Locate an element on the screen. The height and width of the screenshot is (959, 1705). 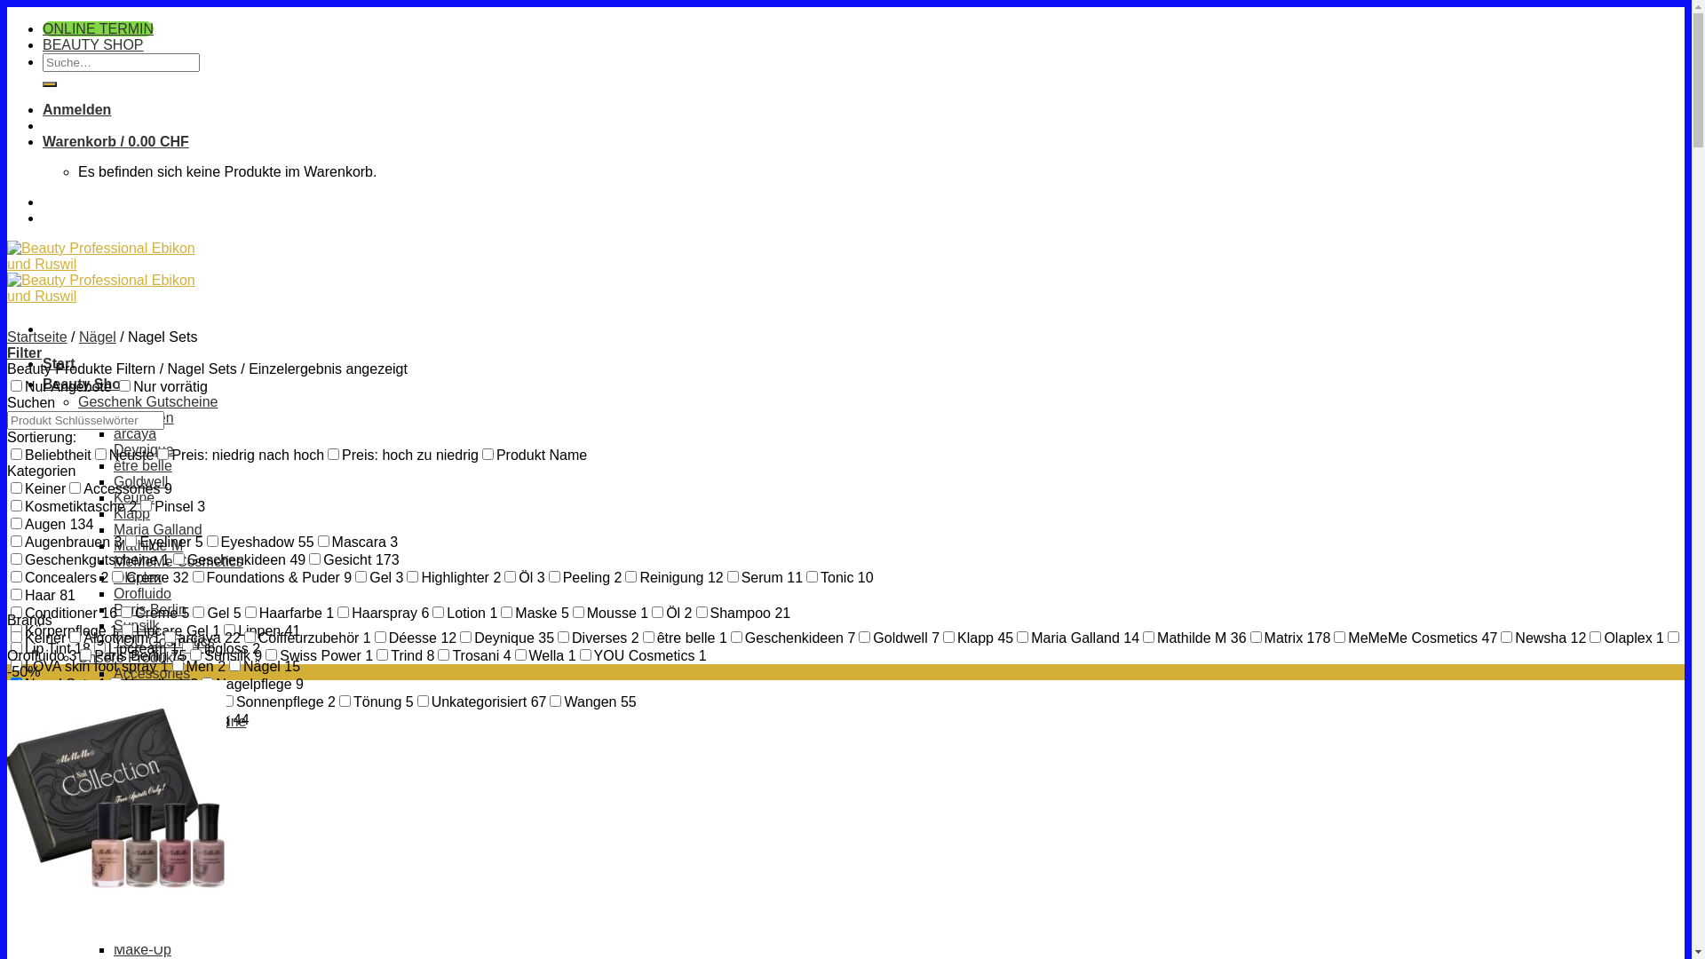
'BEAUTY SHOP' is located at coordinates (92, 44).